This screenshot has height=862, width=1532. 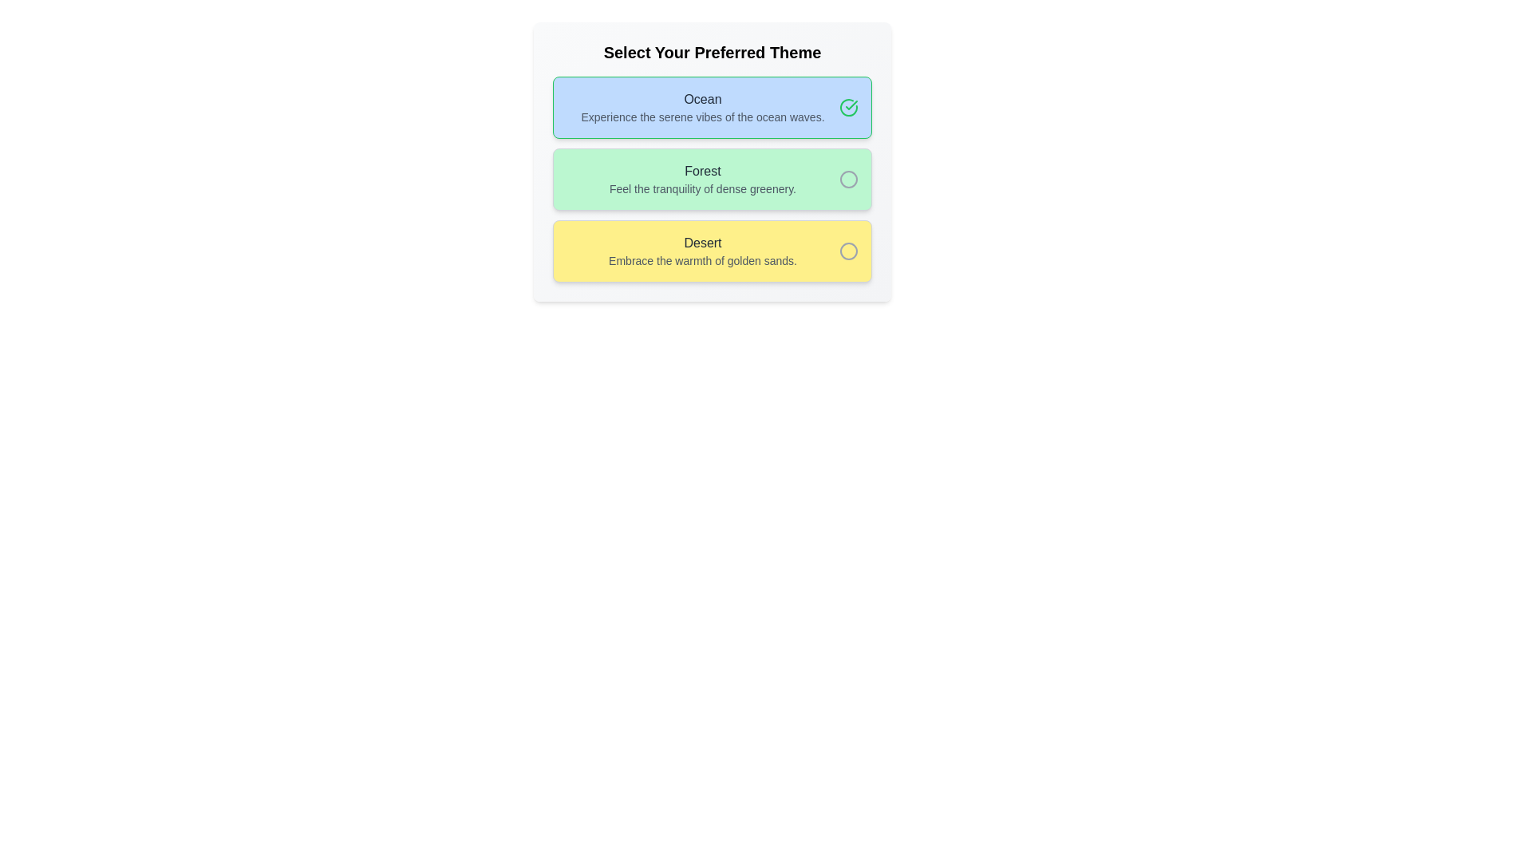 I want to click on the text block describing the 'Desert' theme option, located in the third card of the vertically stacked group, centered horizontally within the yellow card, so click(x=702, y=251).